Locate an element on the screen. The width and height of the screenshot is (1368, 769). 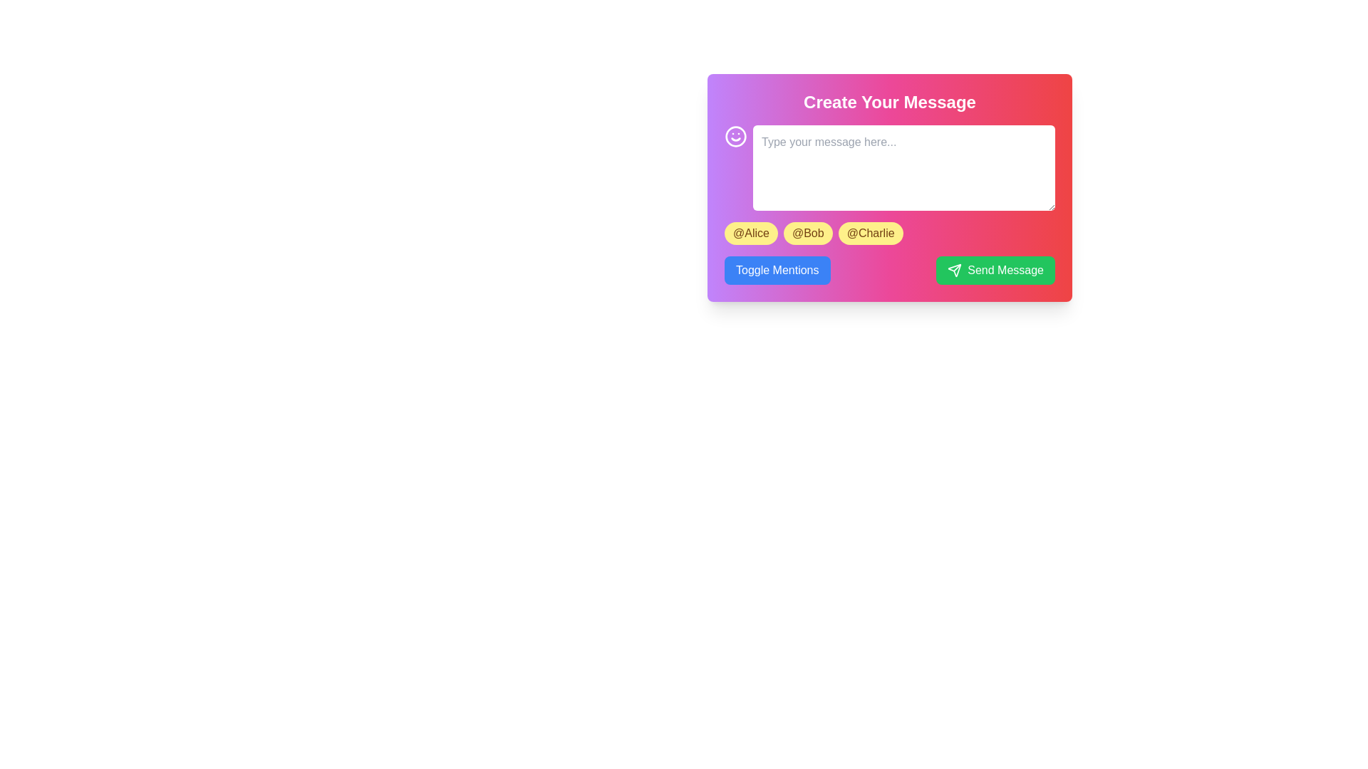
the first mention tag button for user 'Alice' located in the lower left section of the main interface panel is located at coordinates (750, 232).